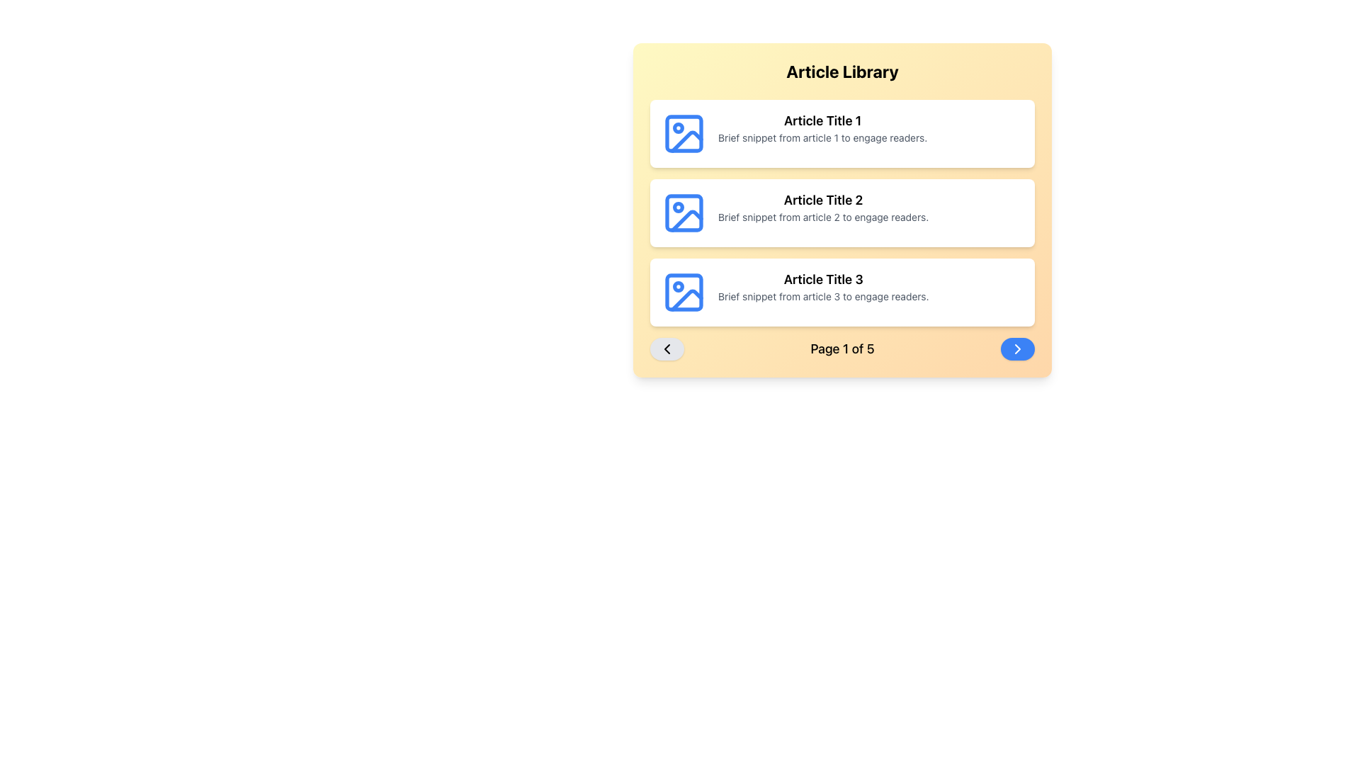 The width and height of the screenshot is (1360, 765). I want to click on the disabled button located in the pagination section to the left of the 'Page 1 of 5' text, so click(666, 349).